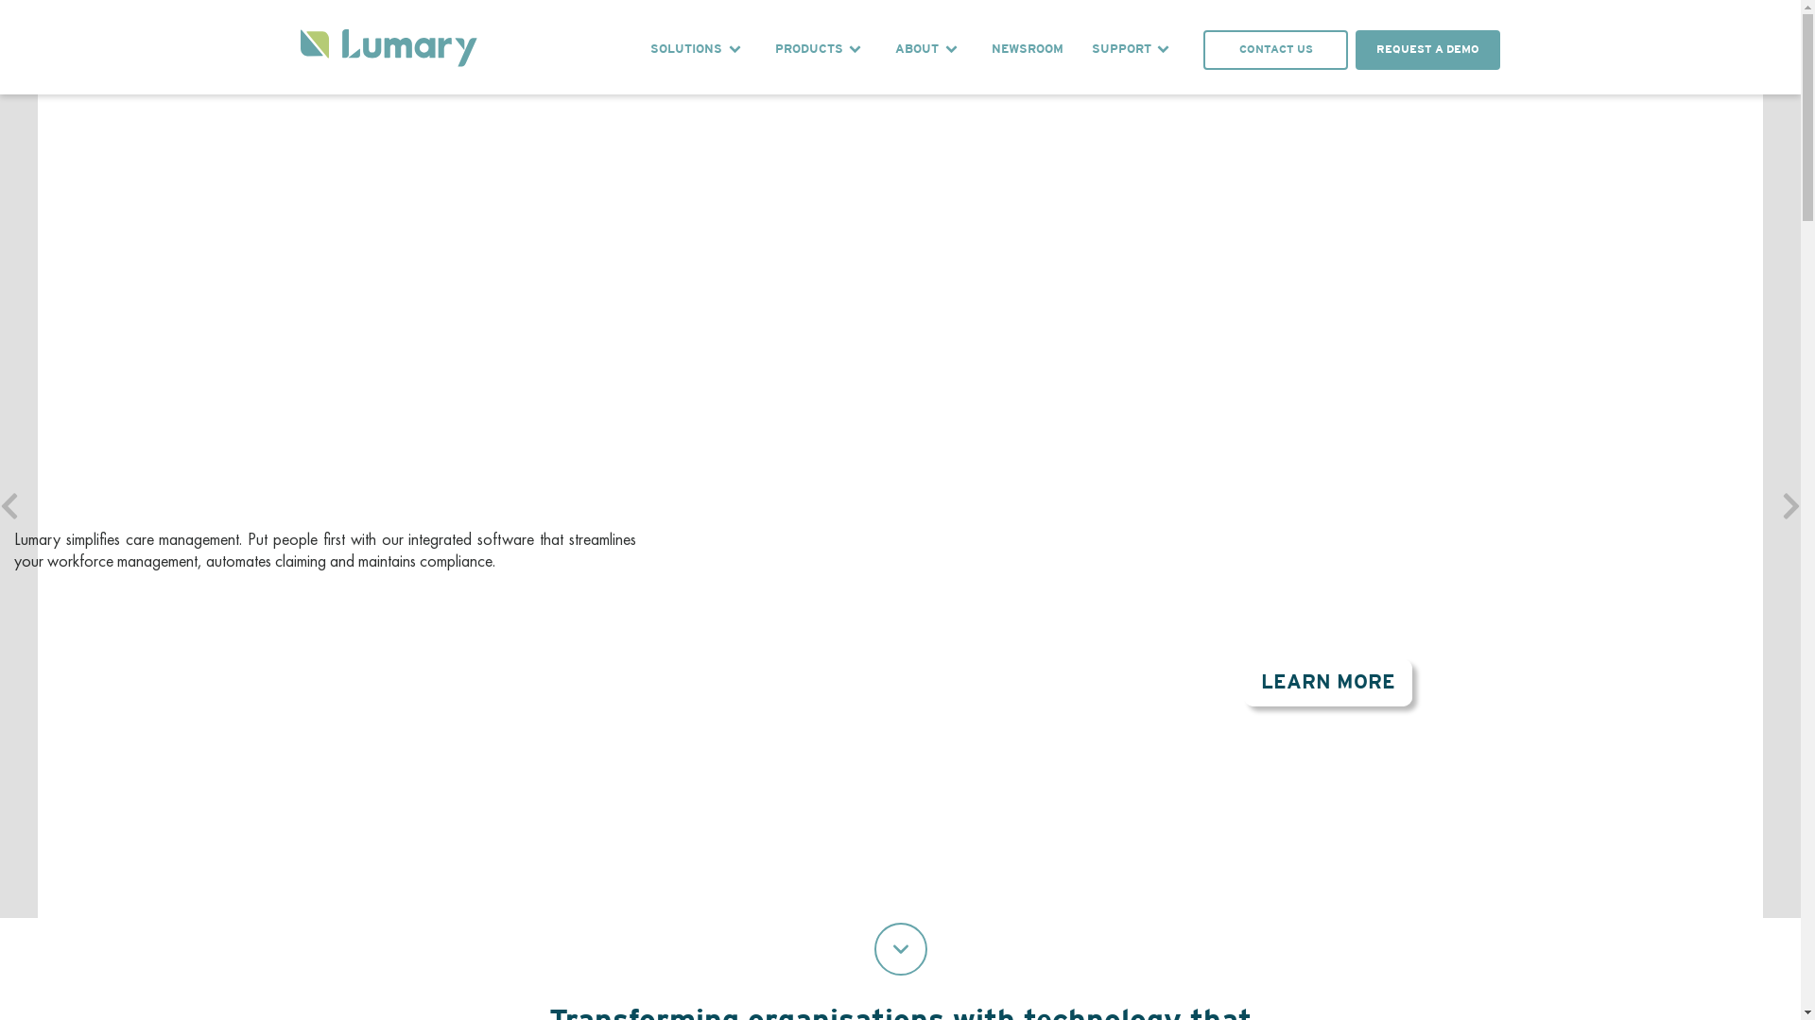 Image resolution: width=1815 pixels, height=1020 pixels. I want to click on 'NEWSROOM', so click(1026, 49).